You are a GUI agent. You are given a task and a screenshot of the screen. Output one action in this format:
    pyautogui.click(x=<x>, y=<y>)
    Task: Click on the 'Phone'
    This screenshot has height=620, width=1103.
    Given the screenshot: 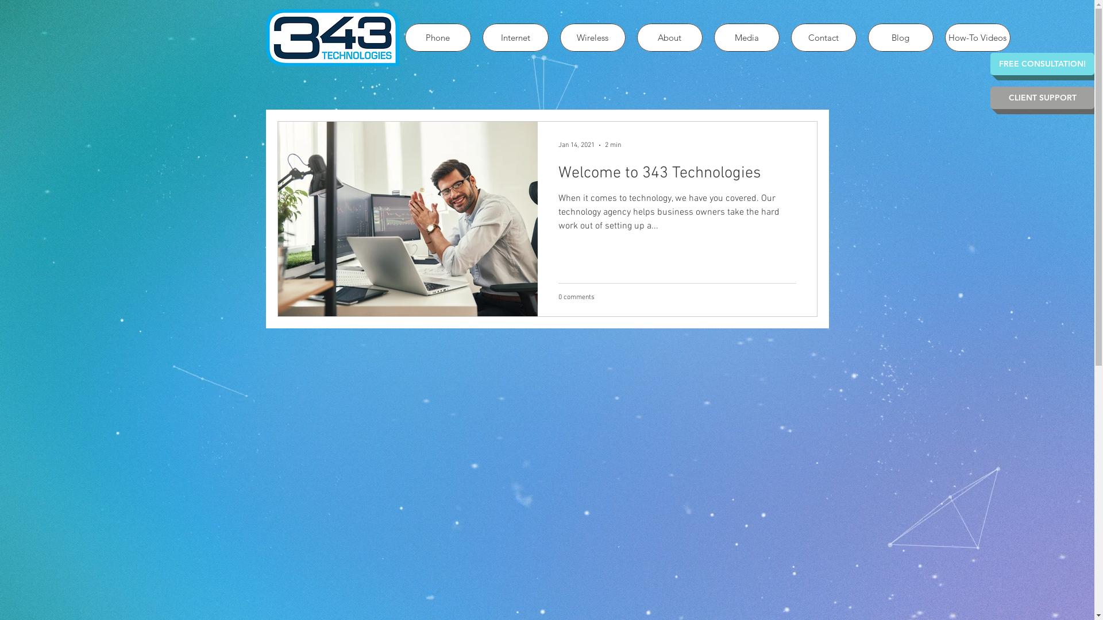 What is the action you would take?
    pyautogui.click(x=437, y=37)
    